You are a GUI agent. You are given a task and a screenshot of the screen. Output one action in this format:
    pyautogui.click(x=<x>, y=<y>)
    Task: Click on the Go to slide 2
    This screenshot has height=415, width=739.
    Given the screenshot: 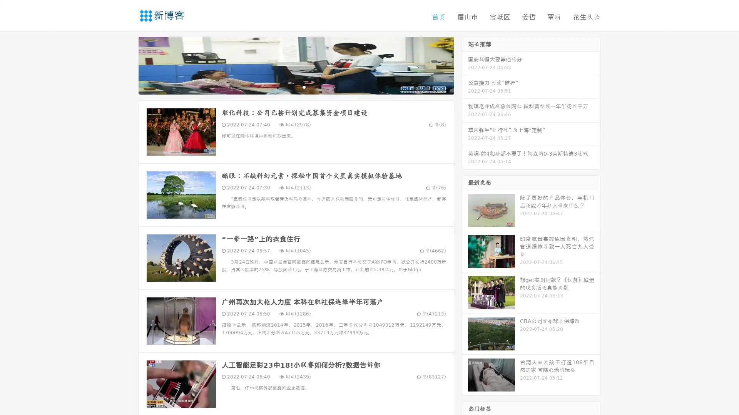 What is the action you would take?
    pyautogui.click(x=296, y=86)
    